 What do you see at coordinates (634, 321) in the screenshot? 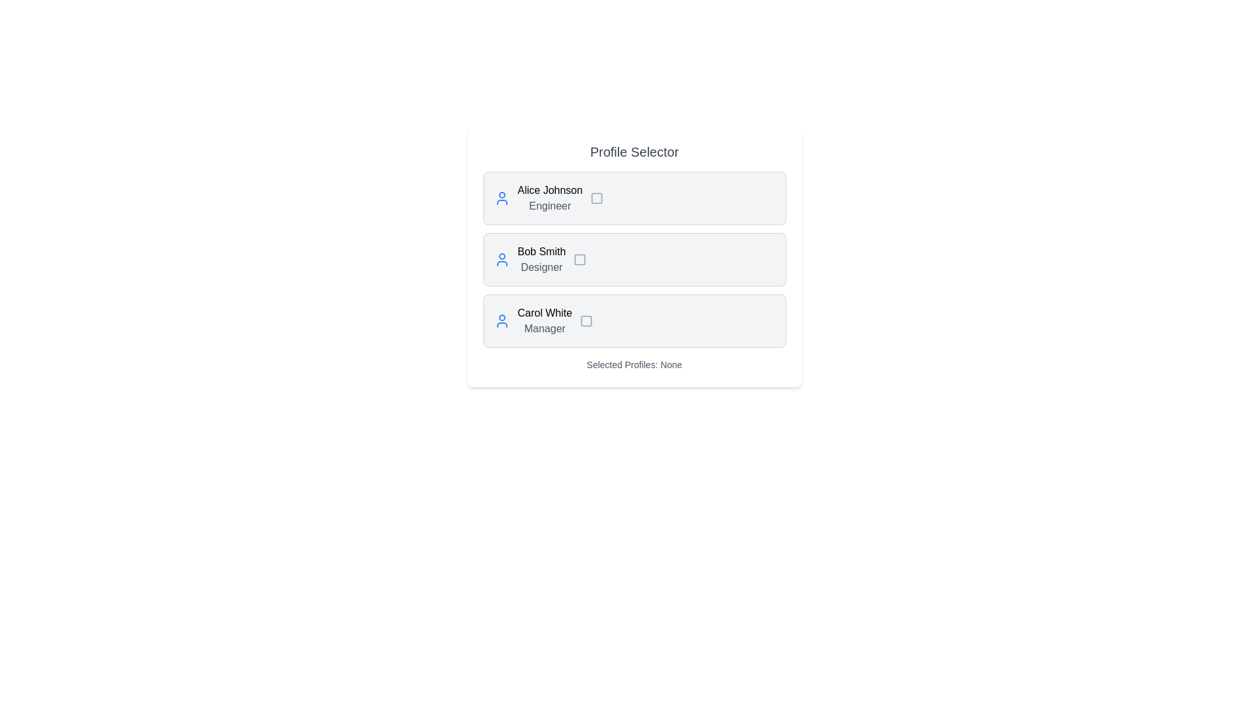
I see `the profile card corresponding to Carol White` at bounding box center [634, 321].